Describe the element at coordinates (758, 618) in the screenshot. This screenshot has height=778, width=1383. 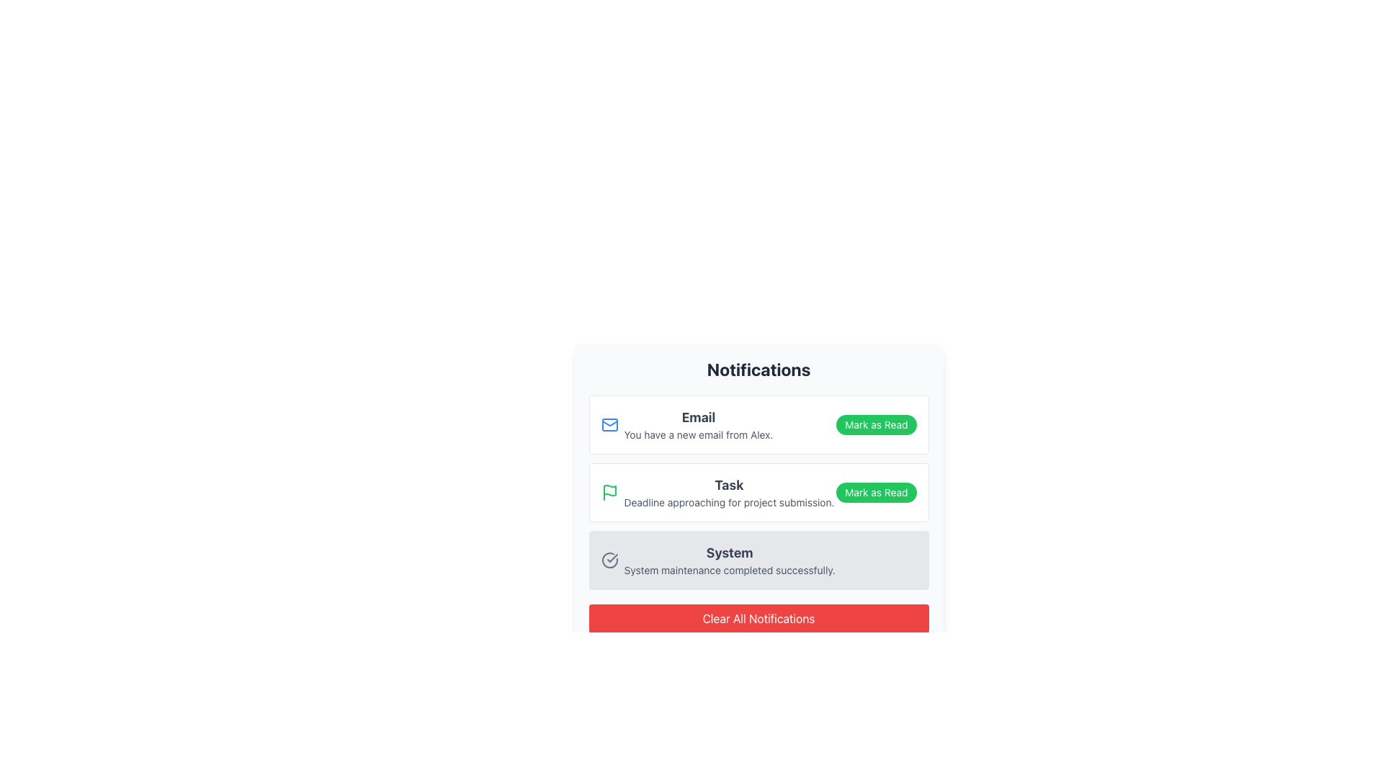
I see `the button at the bottom of the notification list to clear all notifications from the displayed list` at that location.